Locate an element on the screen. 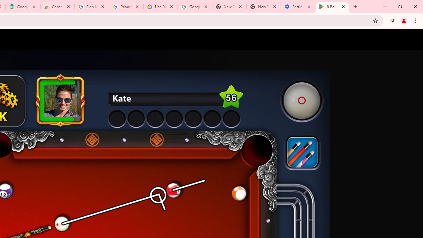 The width and height of the screenshot is (423, 238). 'Settings - System' is located at coordinates (297, 7).